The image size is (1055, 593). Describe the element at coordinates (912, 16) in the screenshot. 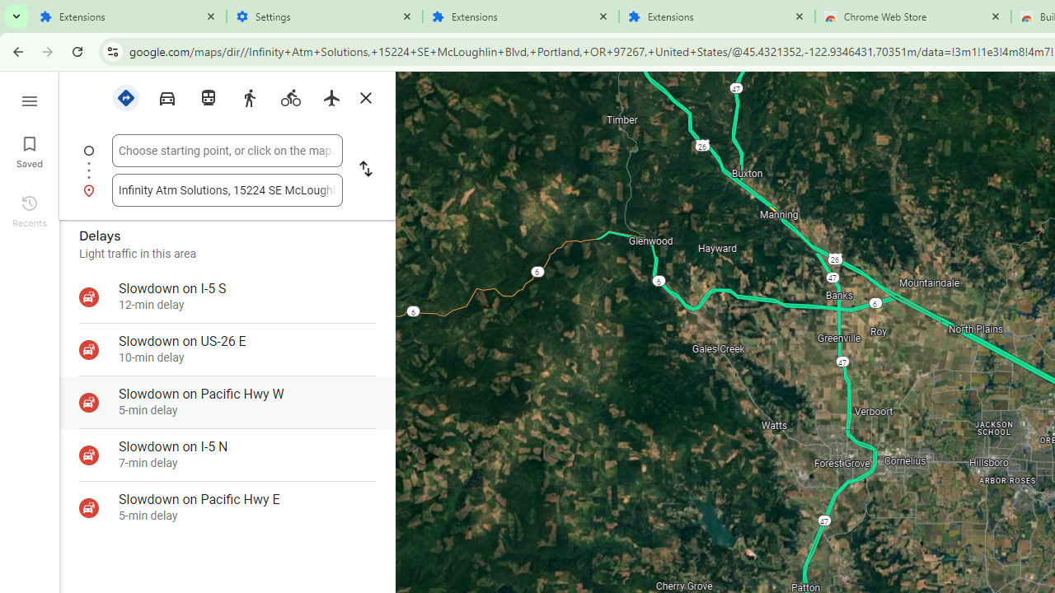

I see `'Chrome Web Store'` at that location.